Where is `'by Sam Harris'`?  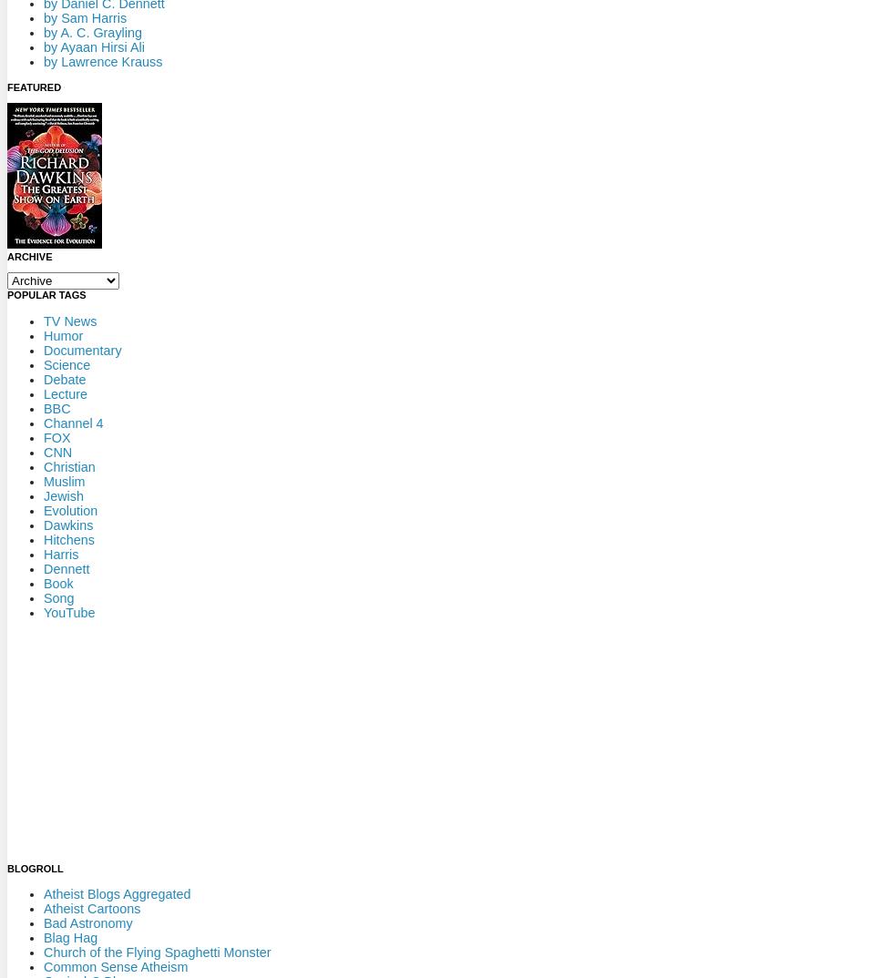 'by Sam Harris' is located at coordinates (44, 16).